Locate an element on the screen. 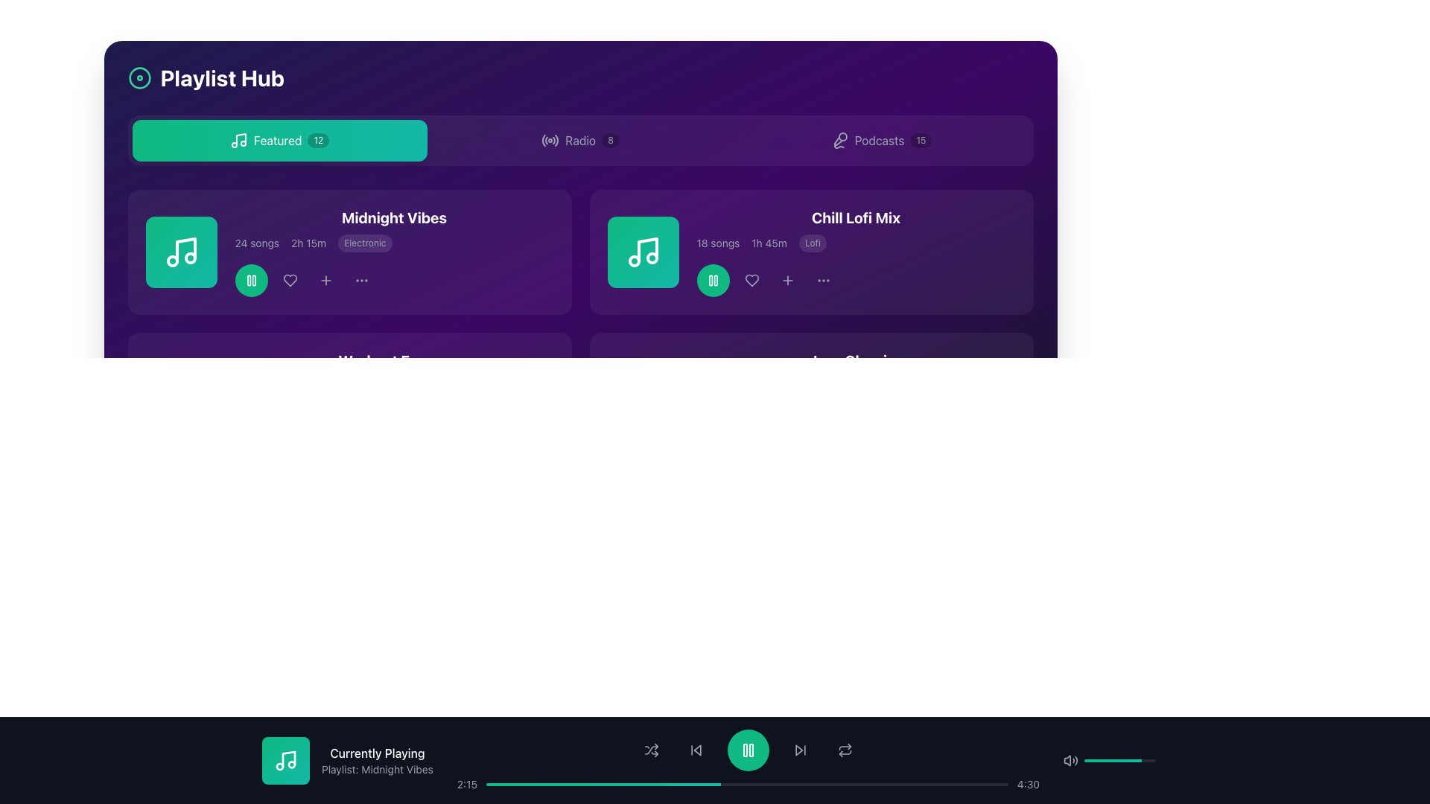  the 'Electronic' genre label for the 'Midnight Vibes' playlist, which is positioned to the right of the duration text '2h 15m.' is located at coordinates (365, 243).